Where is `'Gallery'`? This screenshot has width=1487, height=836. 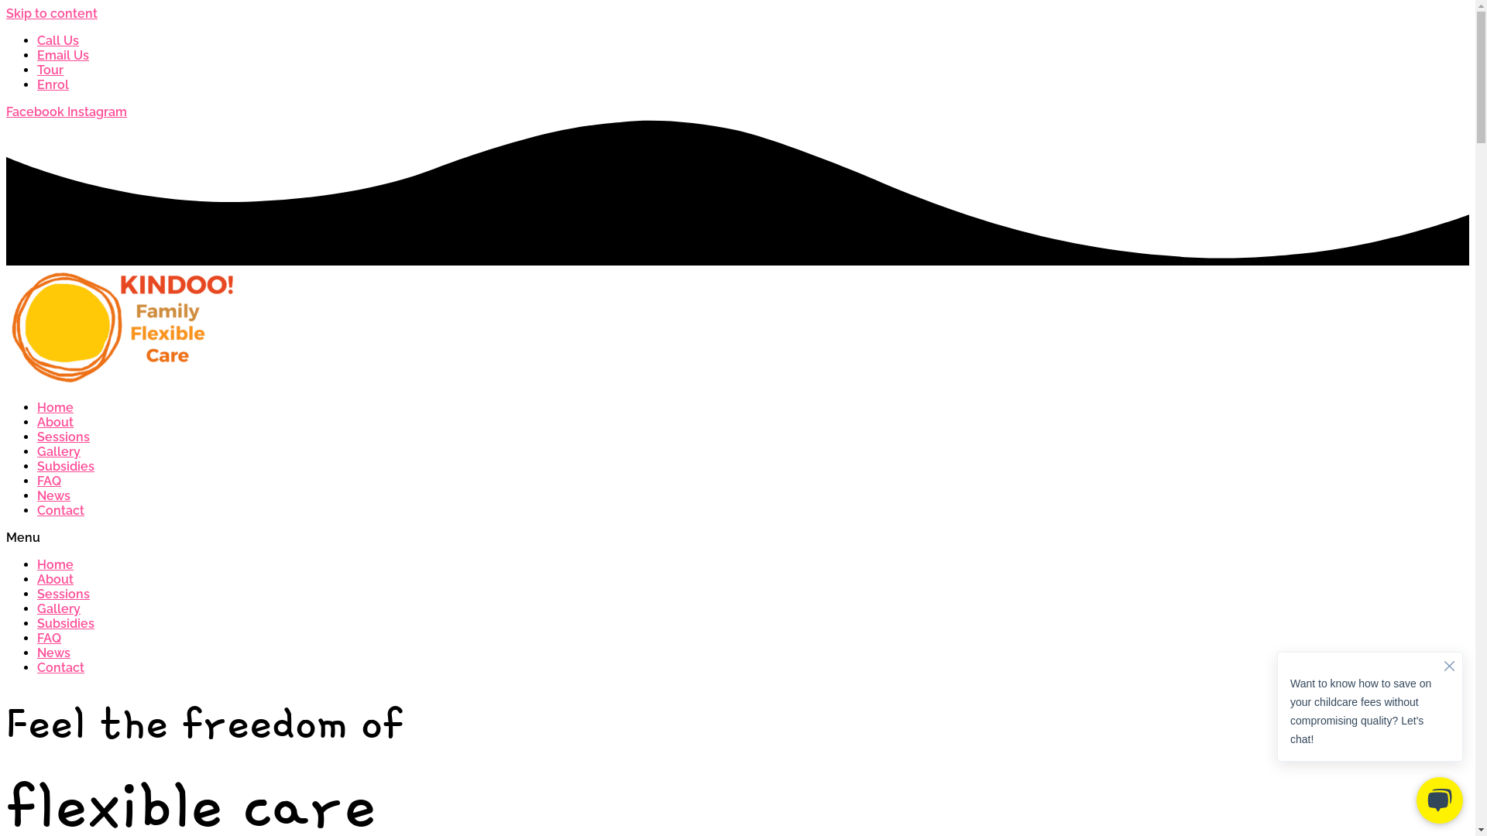
'Gallery' is located at coordinates (59, 608).